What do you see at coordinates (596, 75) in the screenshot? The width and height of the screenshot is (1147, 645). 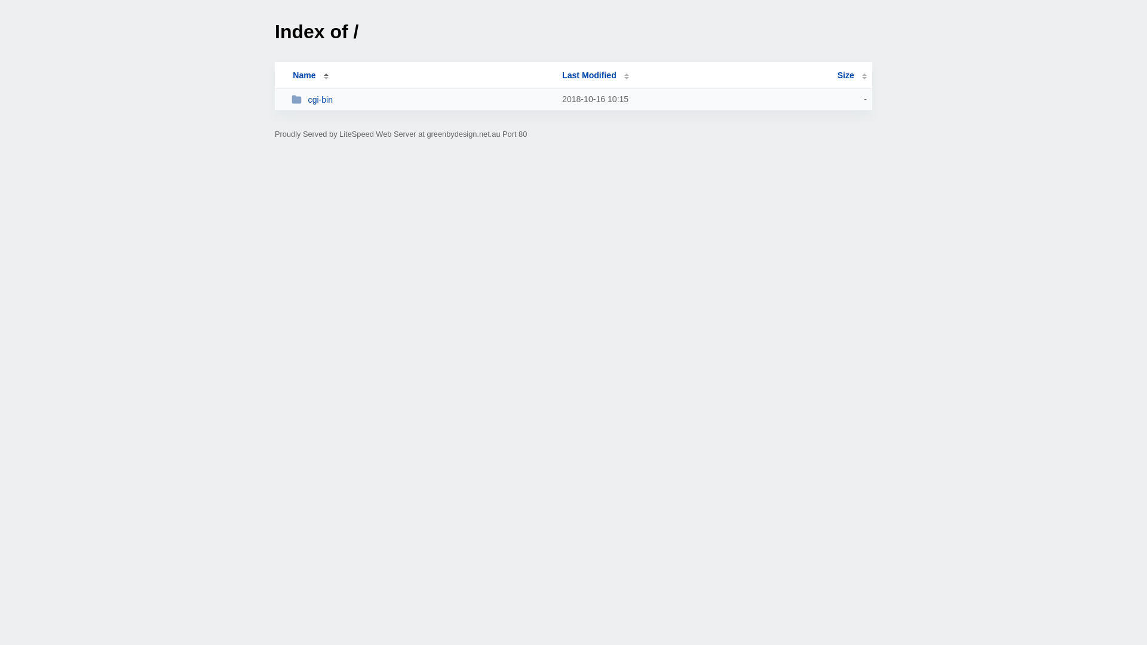 I see `'Last Modified'` at bounding box center [596, 75].